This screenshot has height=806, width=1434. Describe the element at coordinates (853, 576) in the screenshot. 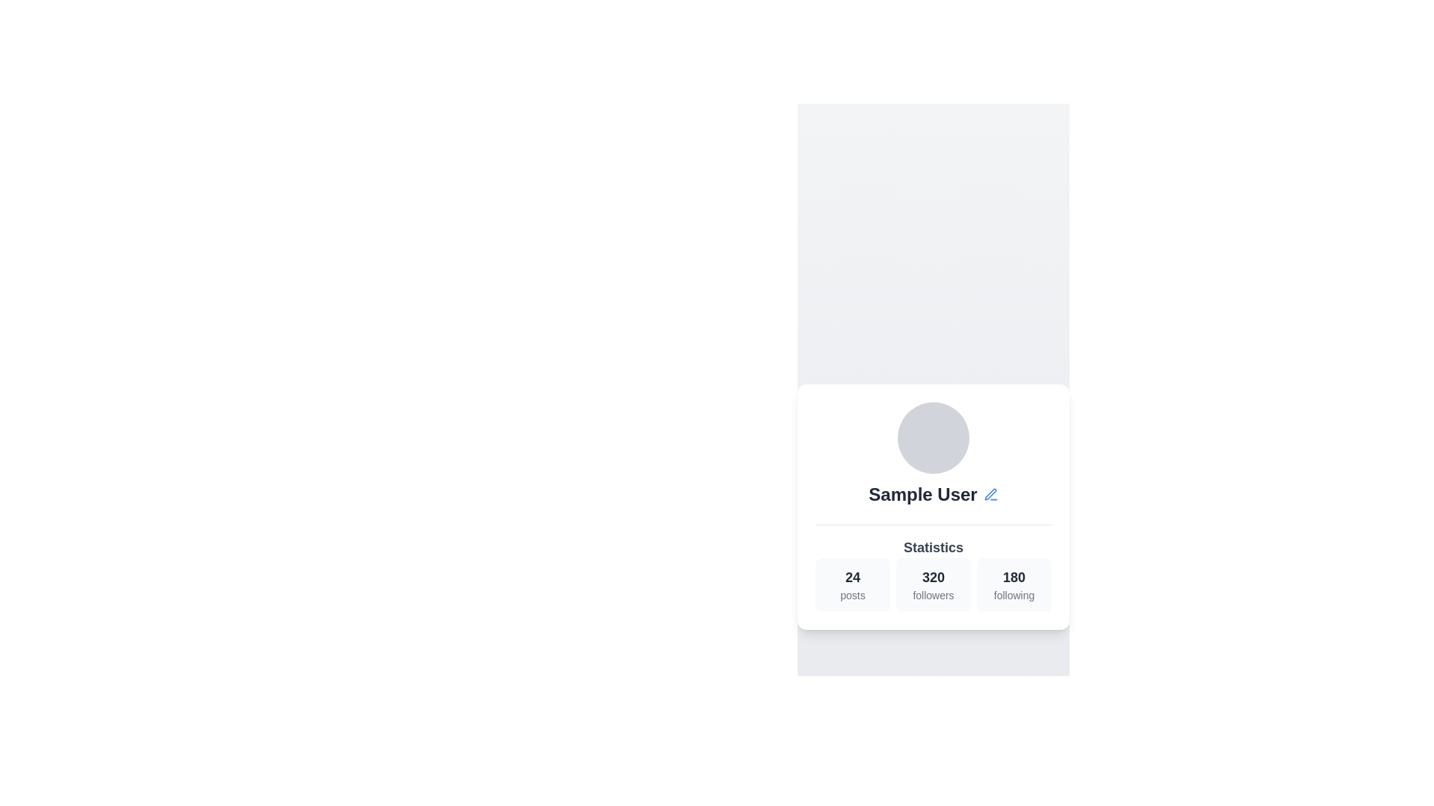

I see `the bold numeral text '24' in the first statistics card, which is positioned above the 'posts' label, indicating a metric in the profile card interface` at that location.